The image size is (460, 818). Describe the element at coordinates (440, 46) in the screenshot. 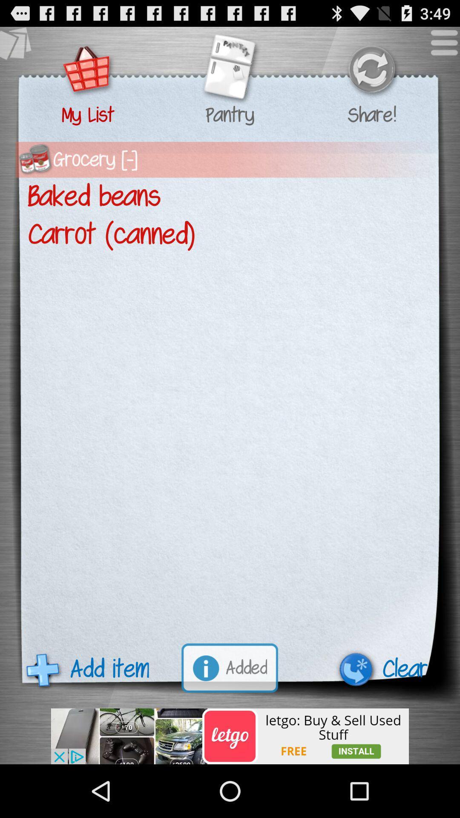

I see `menu page` at that location.